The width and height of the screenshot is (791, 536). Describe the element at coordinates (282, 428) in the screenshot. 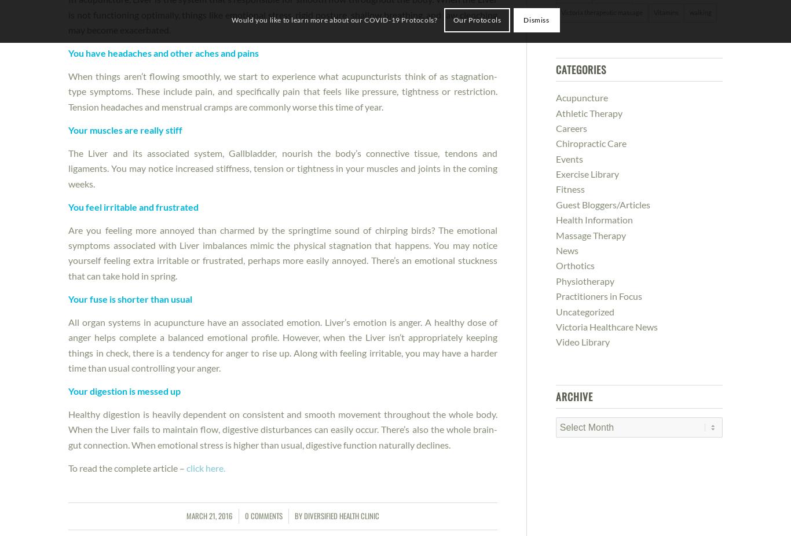

I see `'Healthy digestion is heavily dependent on consistent and smooth movement throughout the whole body. When the Liver fails to maintain flow, digestive disturbances can easily occur. There’s also the whole brain-gut connection. When emotional stress is higher than usual, digestive function naturally declines.'` at that location.